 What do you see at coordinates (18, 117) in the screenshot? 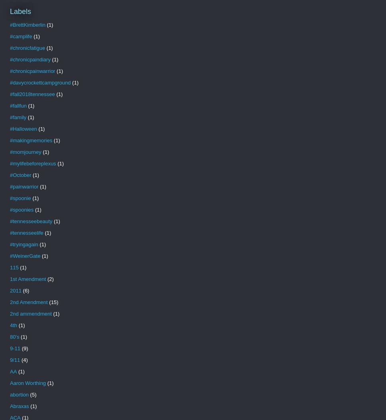
I see `'#family'` at bounding box center [18, 117].